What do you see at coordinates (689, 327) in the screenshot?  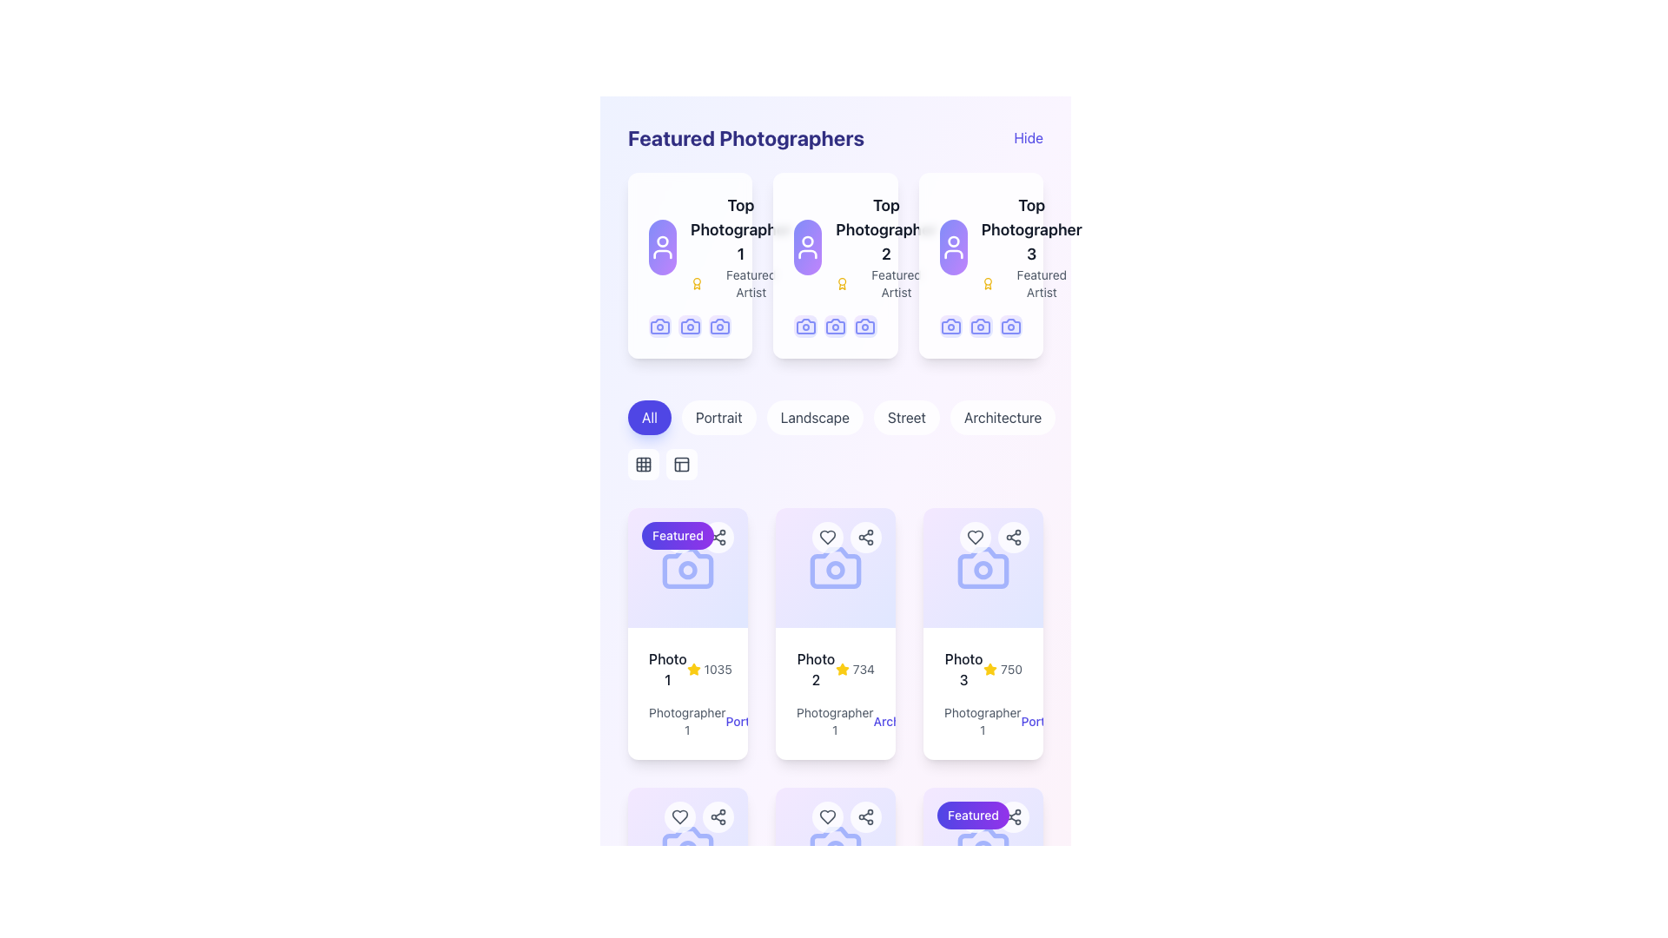 I see `the second camera icon, which is indigo and has a line-drawing style, located beneath the 'Top Photographer 1' card in the 'Featured Photographers' section` at bounding box center [689, 327].